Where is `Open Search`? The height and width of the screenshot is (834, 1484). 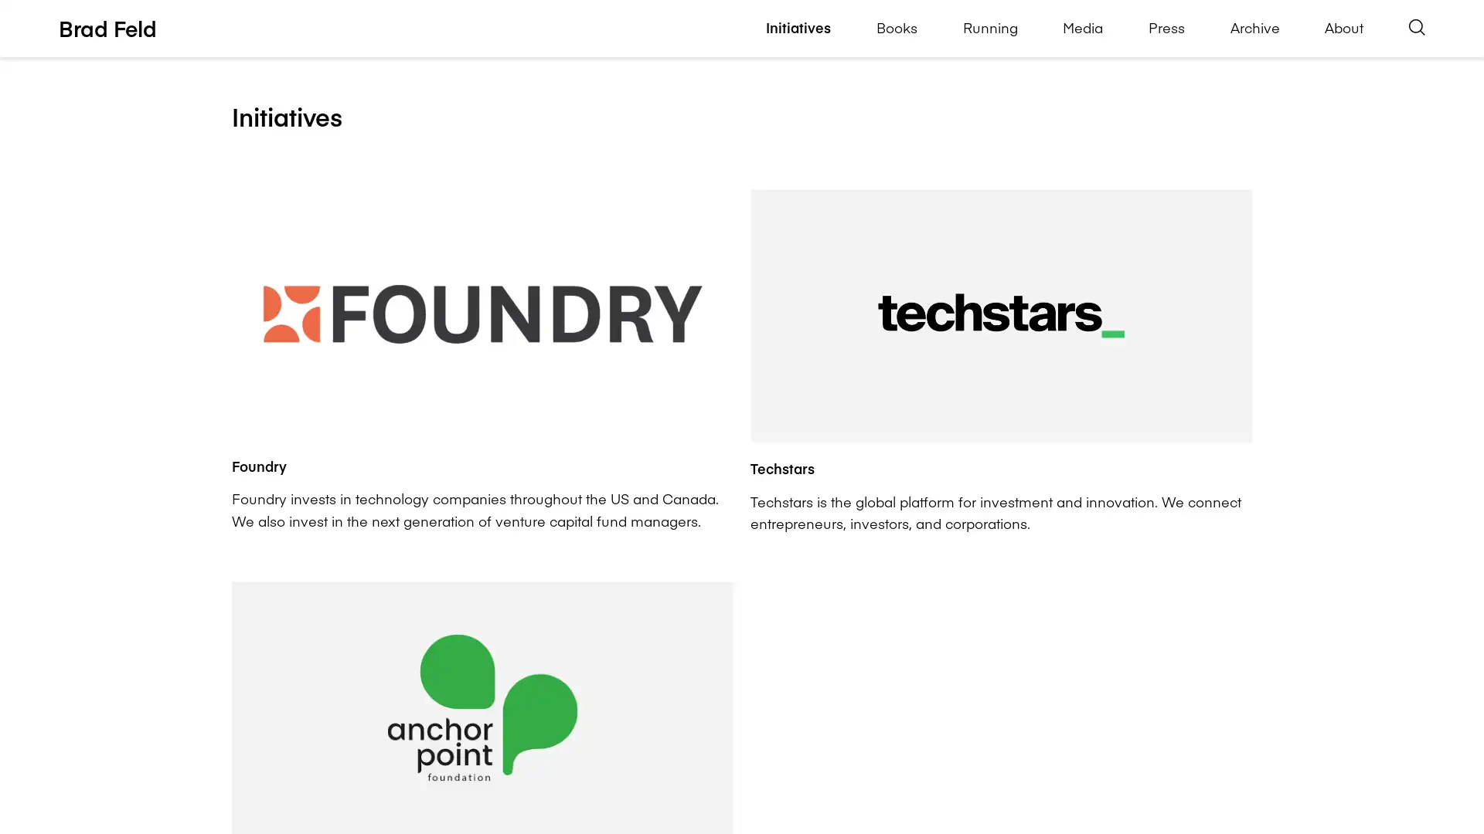
Open Search is located at coordinates (1417, 28).